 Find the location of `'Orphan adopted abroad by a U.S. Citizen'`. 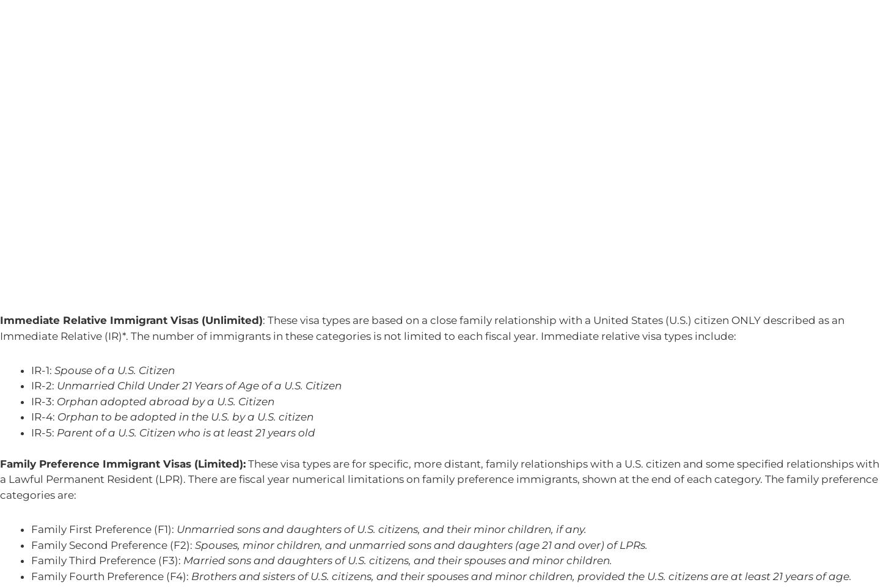

'Orphan adopted abroad by a U.S. Citizen' is located at coordinates (56, 400).